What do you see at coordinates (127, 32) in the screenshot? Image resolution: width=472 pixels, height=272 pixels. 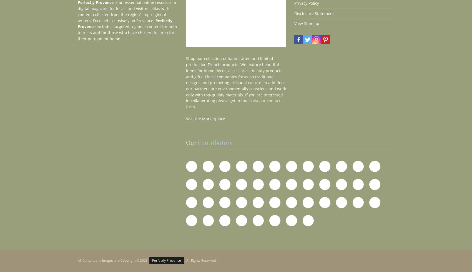 I see `'includes targeted regional content for both tourists and for those who have chosen the area for their permanent home.'` at bounding box center [127, 32].